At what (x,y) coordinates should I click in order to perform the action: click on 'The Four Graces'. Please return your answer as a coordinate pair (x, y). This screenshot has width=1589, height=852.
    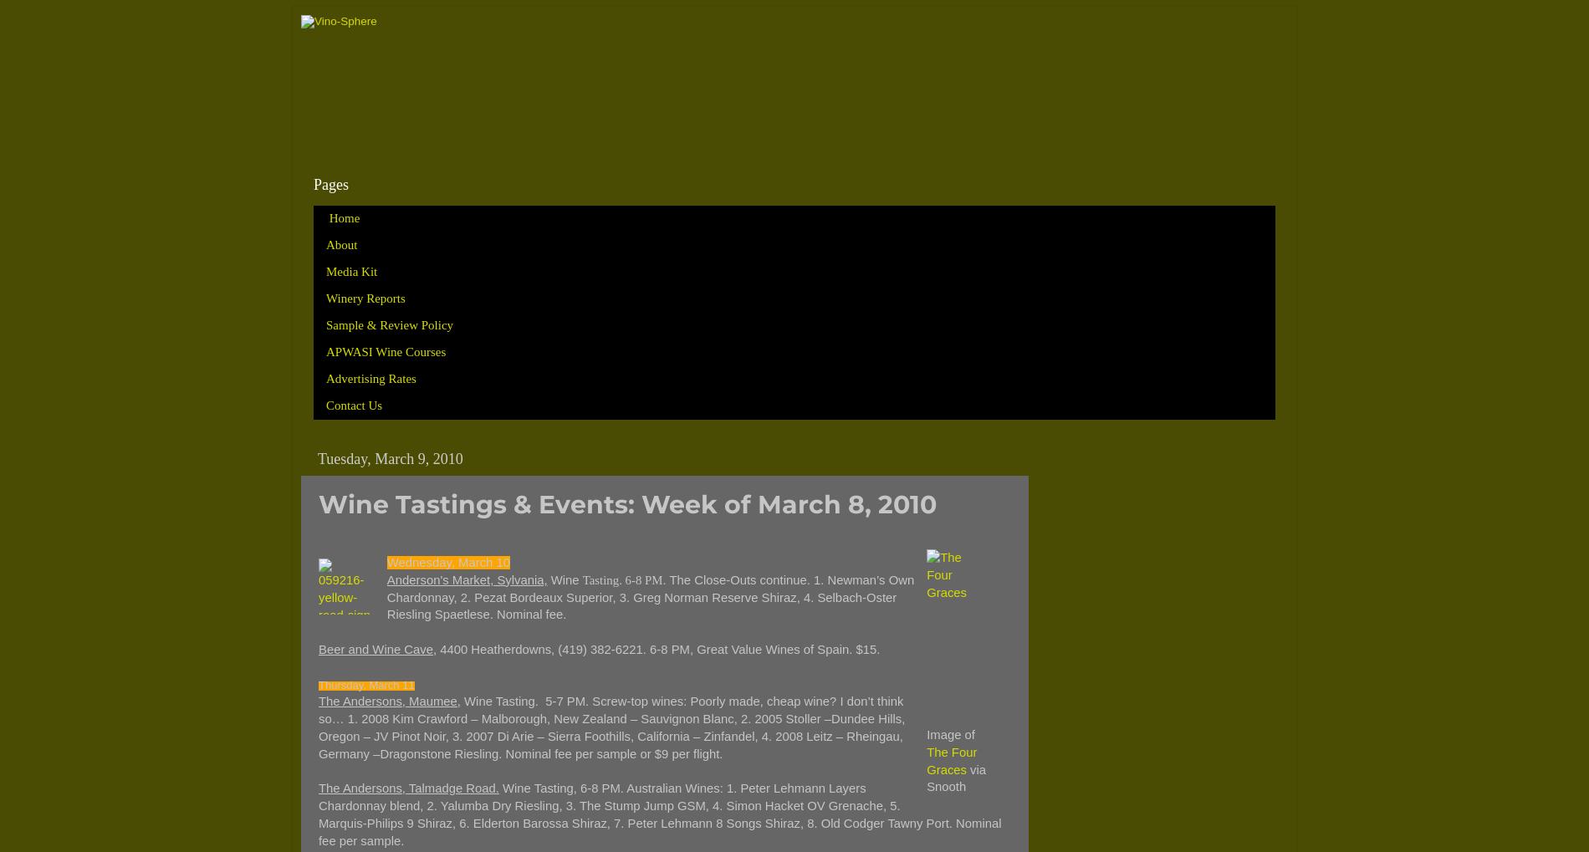
    Looking at the image, I should click on (951, 760).